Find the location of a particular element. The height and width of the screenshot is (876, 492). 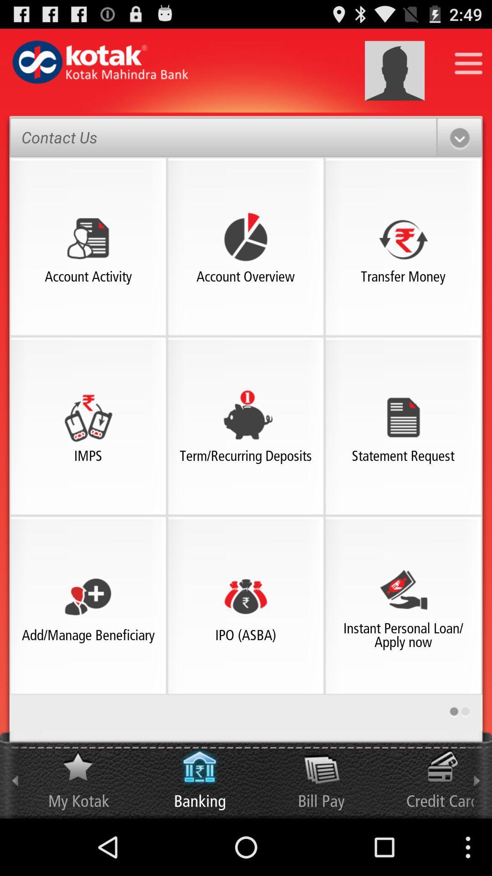

the back arrow which is at the bottom left corner is located at coordinates (15, 774).